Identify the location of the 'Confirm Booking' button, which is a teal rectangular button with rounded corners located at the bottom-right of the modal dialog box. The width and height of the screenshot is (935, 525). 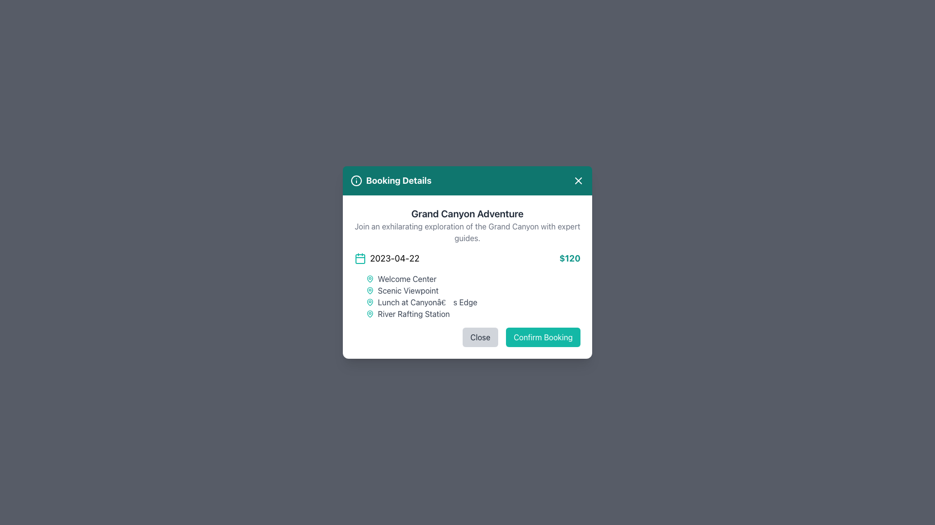
(542, 337).